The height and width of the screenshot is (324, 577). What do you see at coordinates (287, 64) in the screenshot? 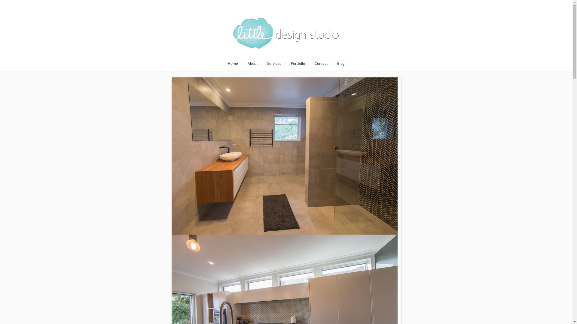
I see `'Portfolio'` at bounding box center [287, 64].